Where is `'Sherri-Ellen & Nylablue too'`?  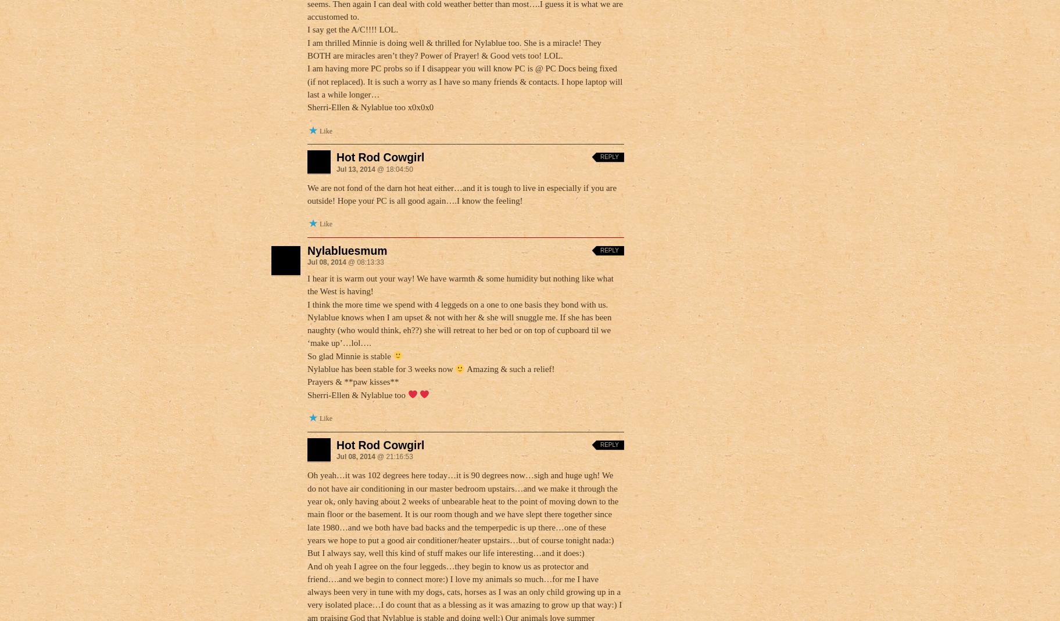
'Sherri-Ellen & Nylablue too' is located at coordinates (357, 394).